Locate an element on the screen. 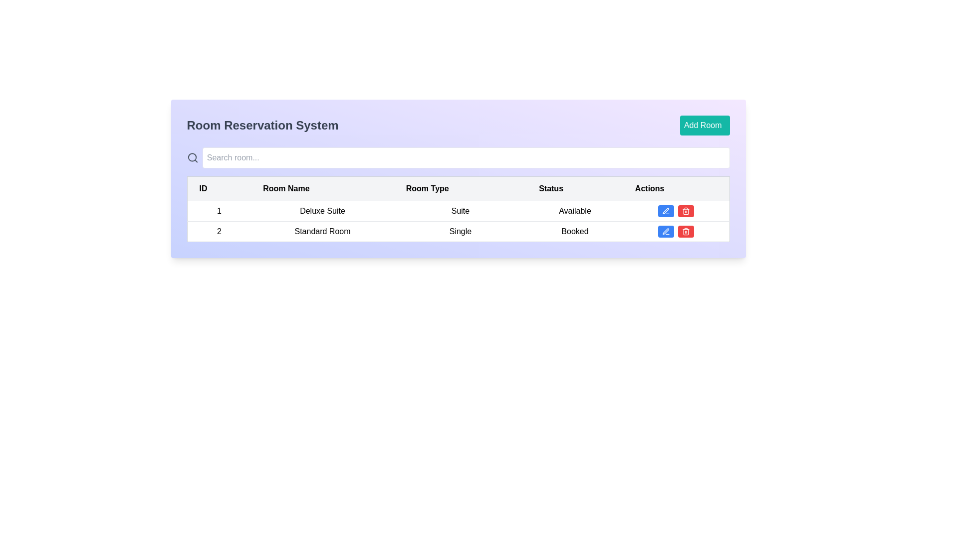  the 'Add Room' text label within the button in the 'Room Reservation System' panel, which indicates the purpose of adding a new room is located at coordinates (702, 125).